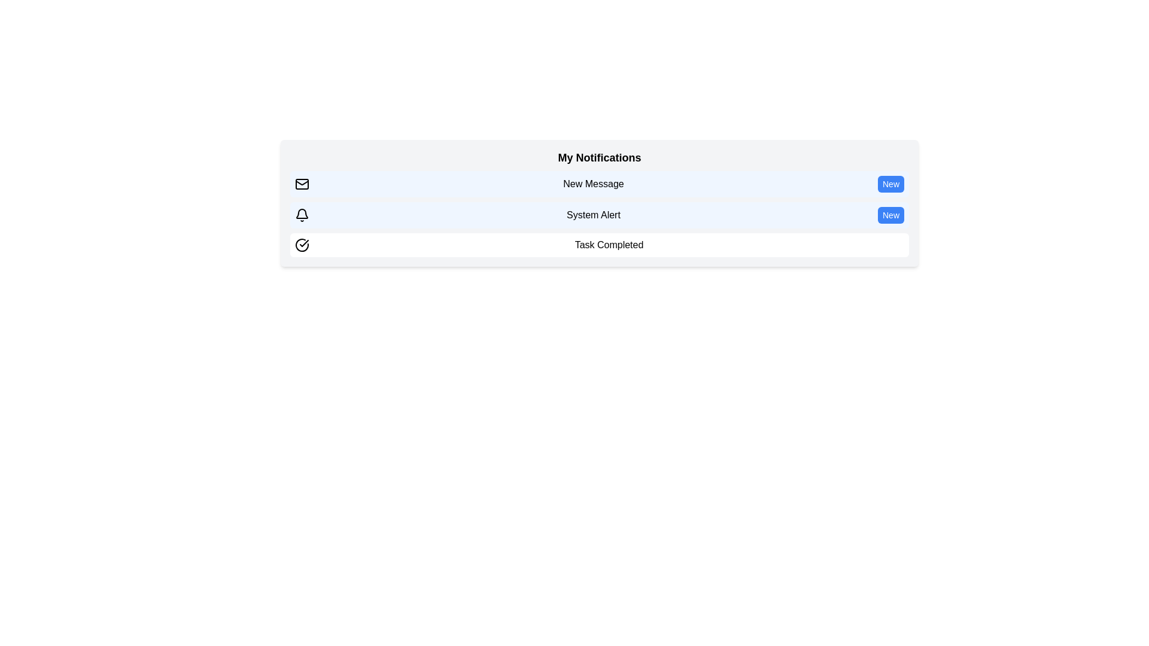 The image size is (1149, 646). Describe the element at coordinates (594, 184) in the screenshot. I see `the 'New Message' label in the second row of the notification list, which provides information about the type of notification` at that location.